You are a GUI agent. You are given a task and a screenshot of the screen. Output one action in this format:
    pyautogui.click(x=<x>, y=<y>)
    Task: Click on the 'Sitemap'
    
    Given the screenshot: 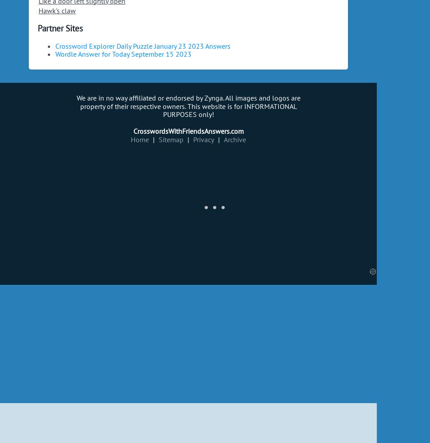 What is the action you would take?
    pyautogui.click(x=158, y=139)
    